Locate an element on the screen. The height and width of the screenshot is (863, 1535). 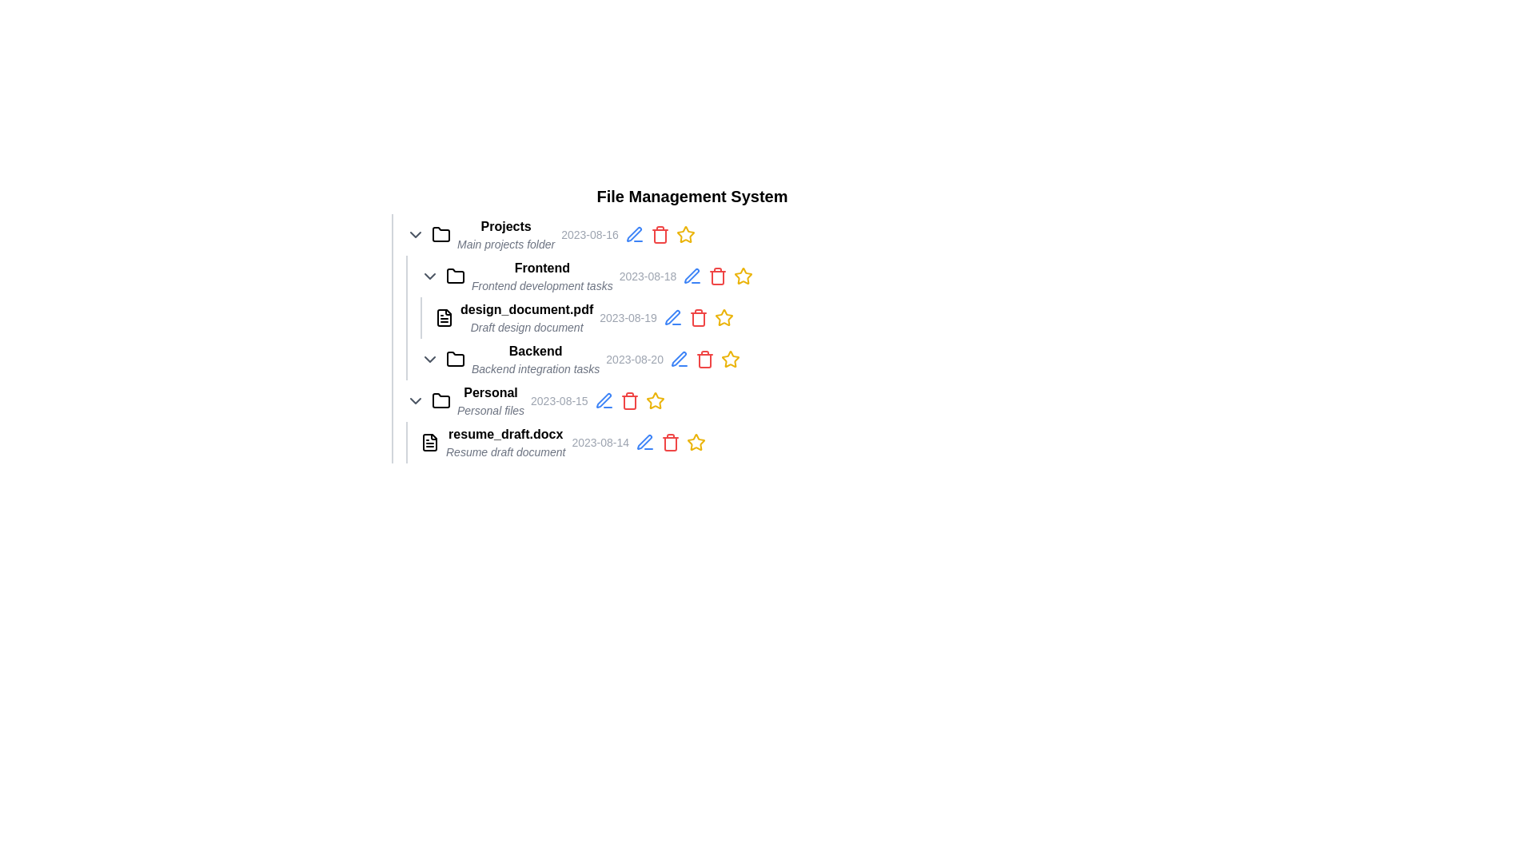
the star icon located at the rightmost side of the 'Personal' file entry row is located at coordinates (655, 400).